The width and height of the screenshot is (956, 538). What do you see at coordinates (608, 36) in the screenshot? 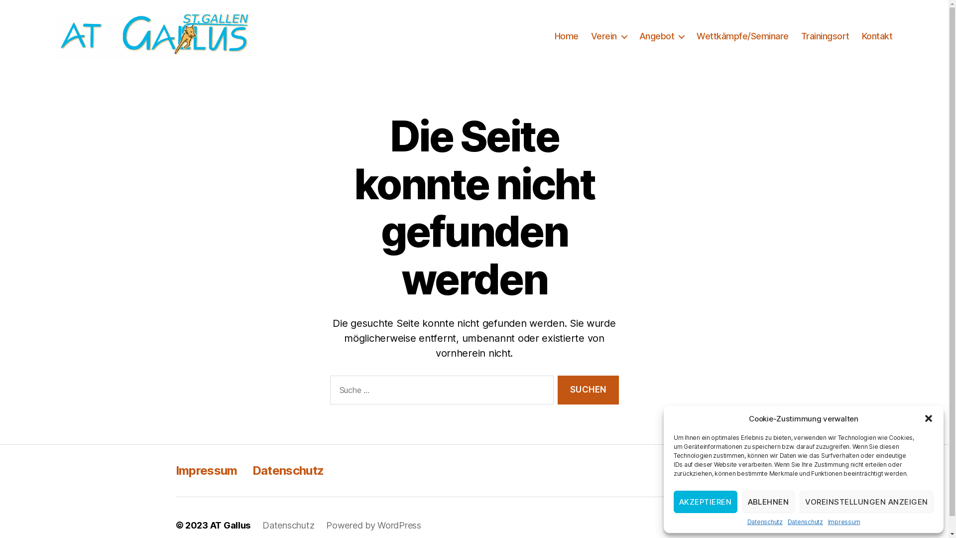
I see `'Verein'` at bounding box center [608, 36].